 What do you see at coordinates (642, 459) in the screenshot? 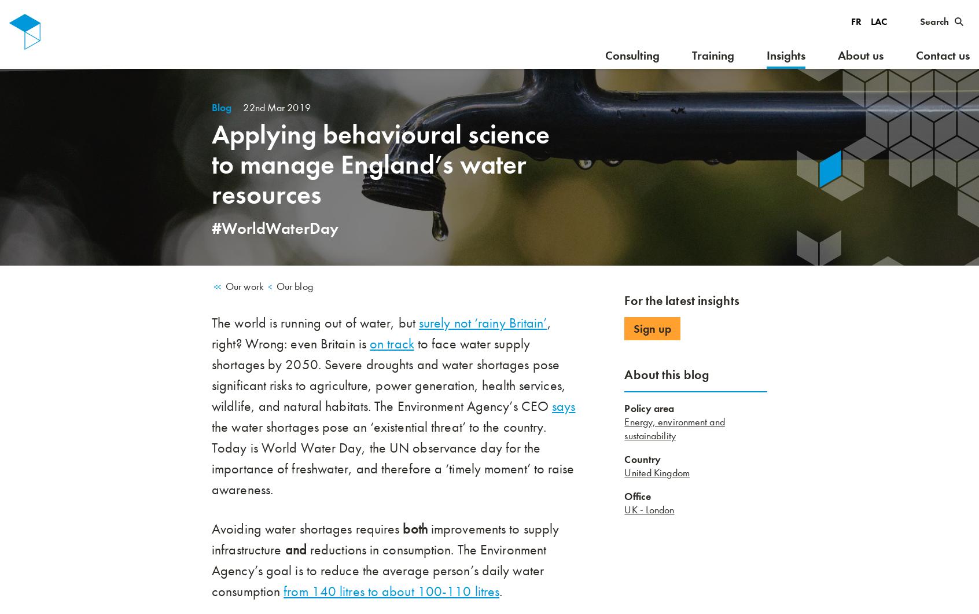
I see `'Country'` at bounding box center [642, 459].